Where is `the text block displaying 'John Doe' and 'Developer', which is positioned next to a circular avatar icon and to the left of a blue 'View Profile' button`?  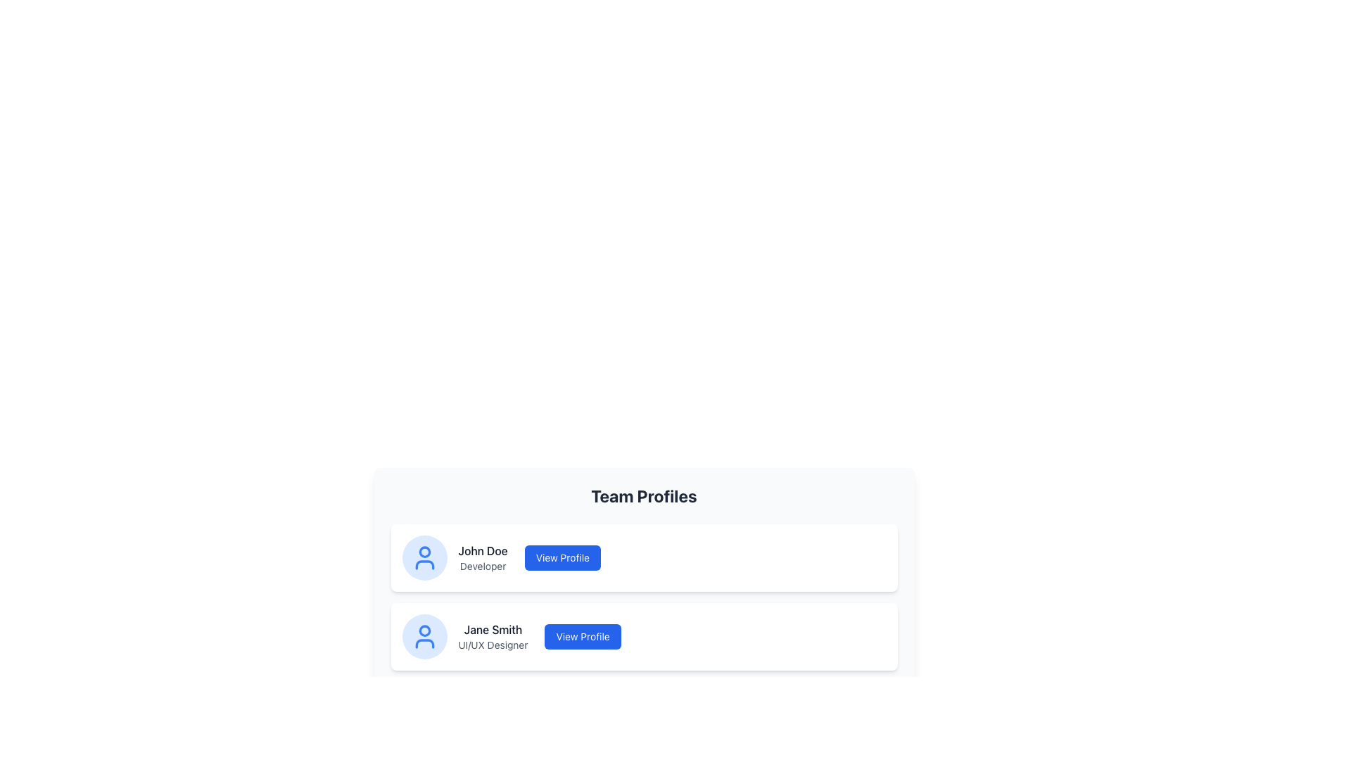 the text block displaying 'John Doe' and 'Developer', which is positioned next to a circular avatar icon and to the left of a blue 'View Profile' button is located at coordinates (483, 557).